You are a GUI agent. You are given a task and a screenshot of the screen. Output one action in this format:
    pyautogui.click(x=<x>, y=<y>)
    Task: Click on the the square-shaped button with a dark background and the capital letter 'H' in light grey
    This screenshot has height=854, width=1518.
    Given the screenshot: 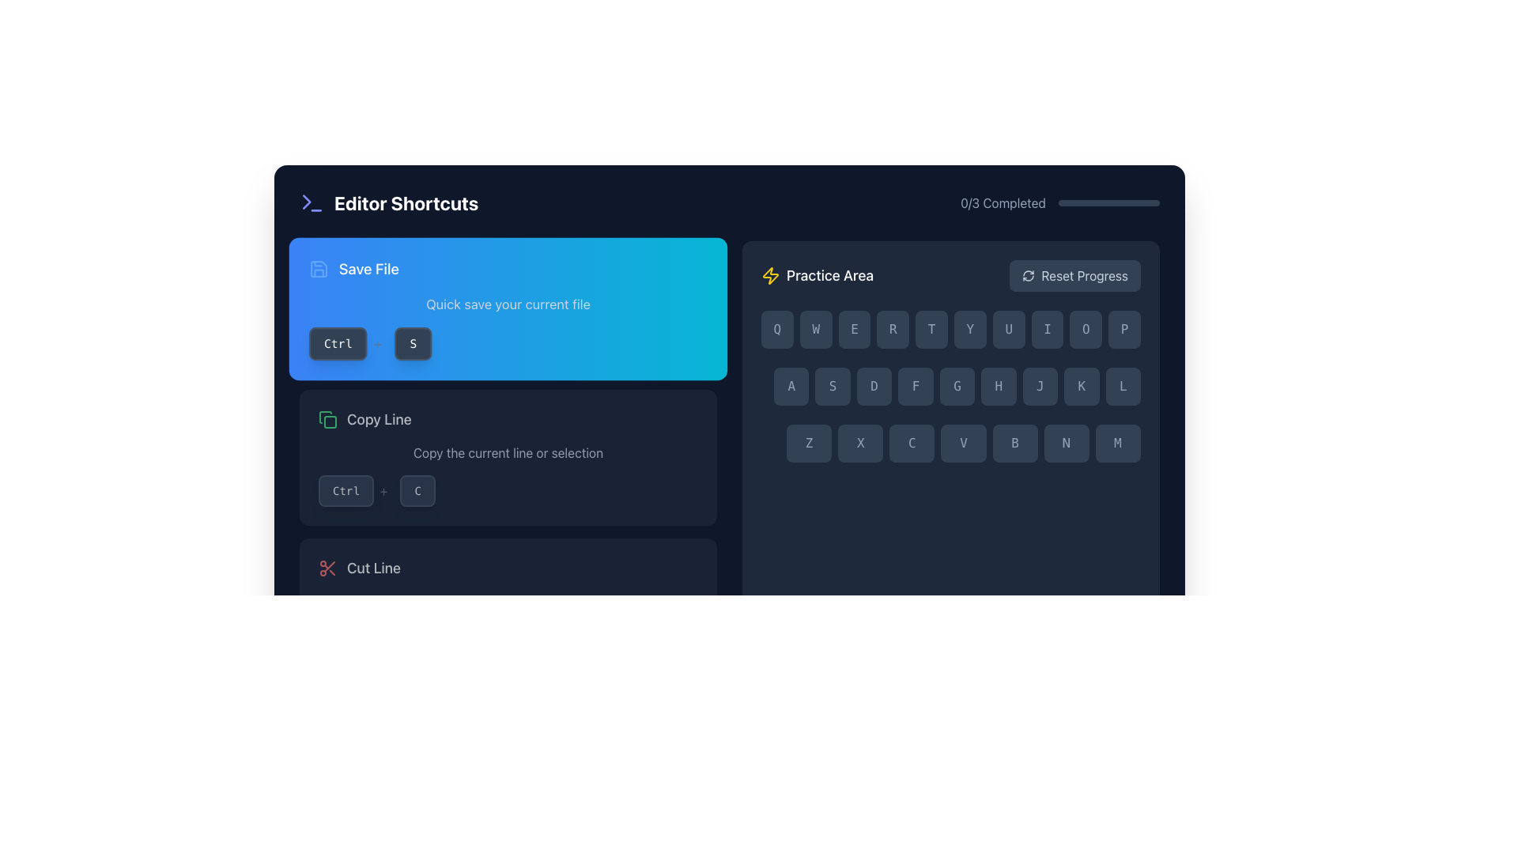 What is the action you would take?
    pyautogui.click(x=998, y=387)
    